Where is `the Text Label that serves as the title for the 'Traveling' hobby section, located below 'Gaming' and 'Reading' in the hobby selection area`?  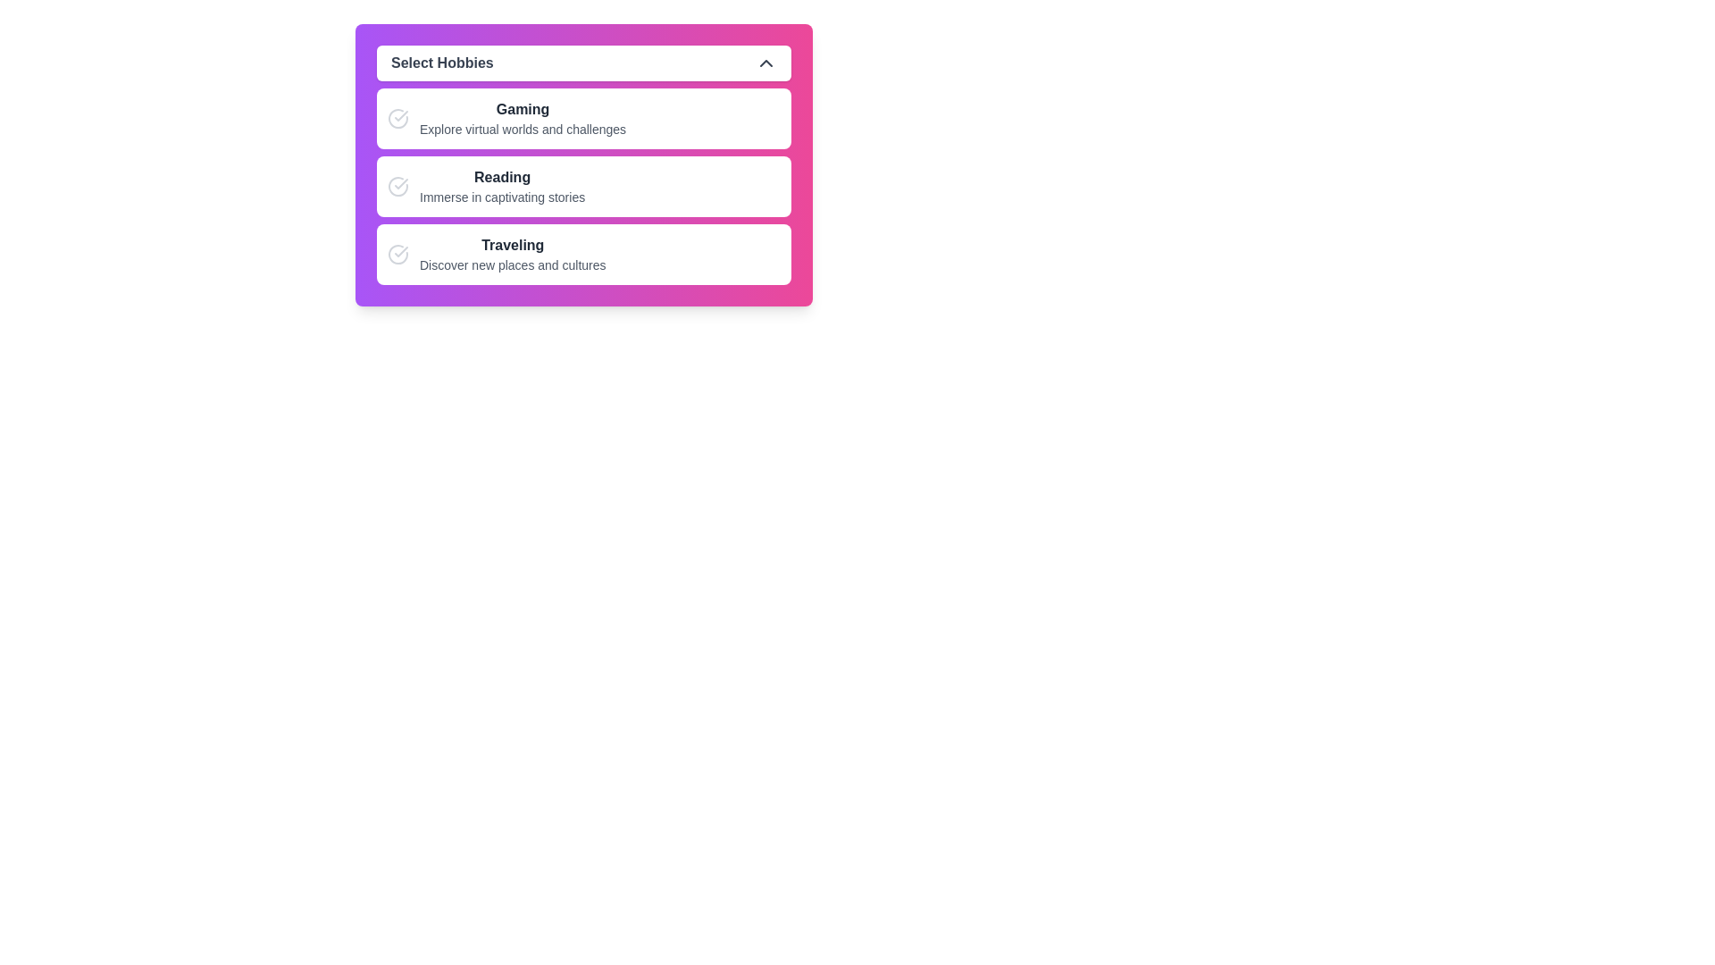
the Text Label that serves as the title for the 'Traveling' hobby section, located below 'Gaming' and 'Reading' in the hobby selection area is located at coordinates (512, 245).